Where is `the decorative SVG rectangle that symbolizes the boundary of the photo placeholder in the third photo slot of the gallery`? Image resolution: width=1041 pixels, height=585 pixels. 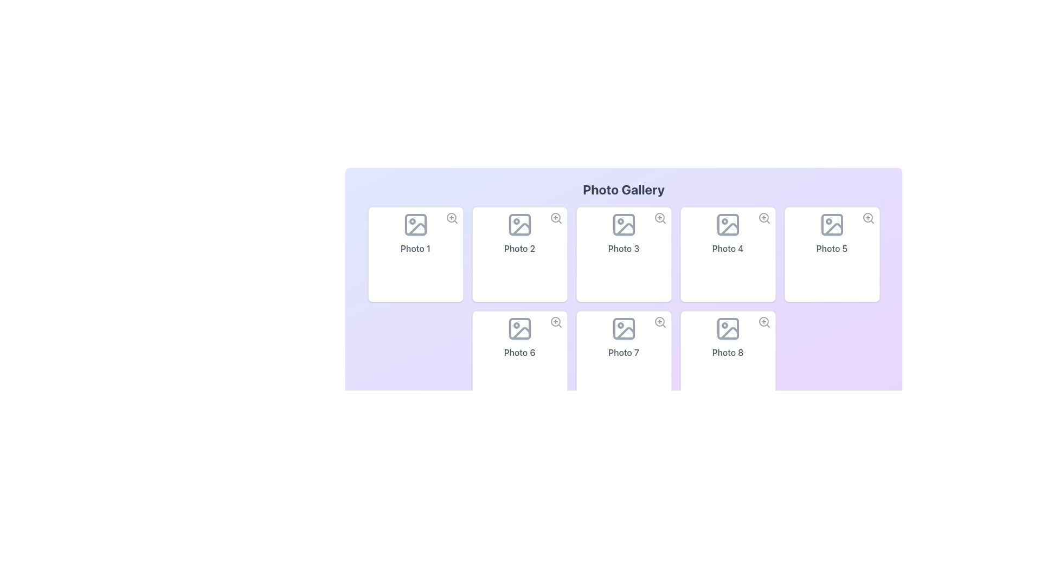
the decorative SVG rectangle that symbolizes the boundary of the photo placeholder in the third photo slot of the gallery is located at coordinates (624, 224).